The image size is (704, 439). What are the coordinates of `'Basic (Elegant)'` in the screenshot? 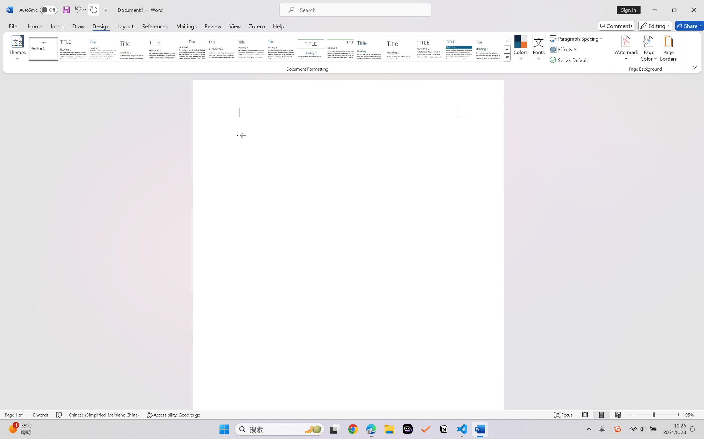 It's located at (73, 49).